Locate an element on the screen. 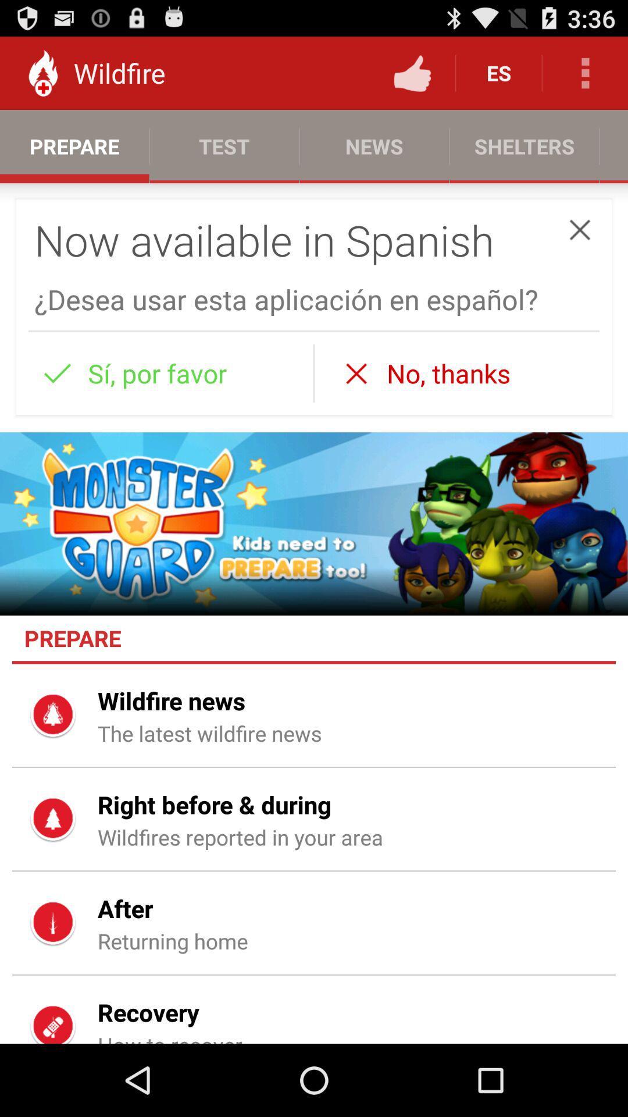  the image next to wildfire news is located at coordinates (53, 715).